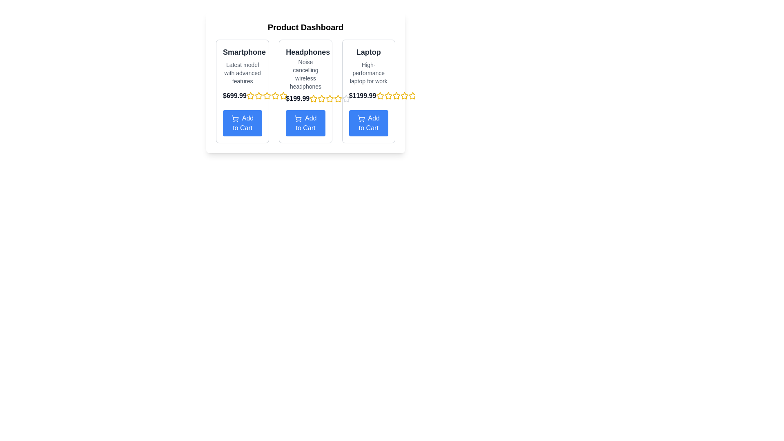  I want to click on the thirteenth star icon in the rating system for the Laptop product, located below its price, so click(338, 98).